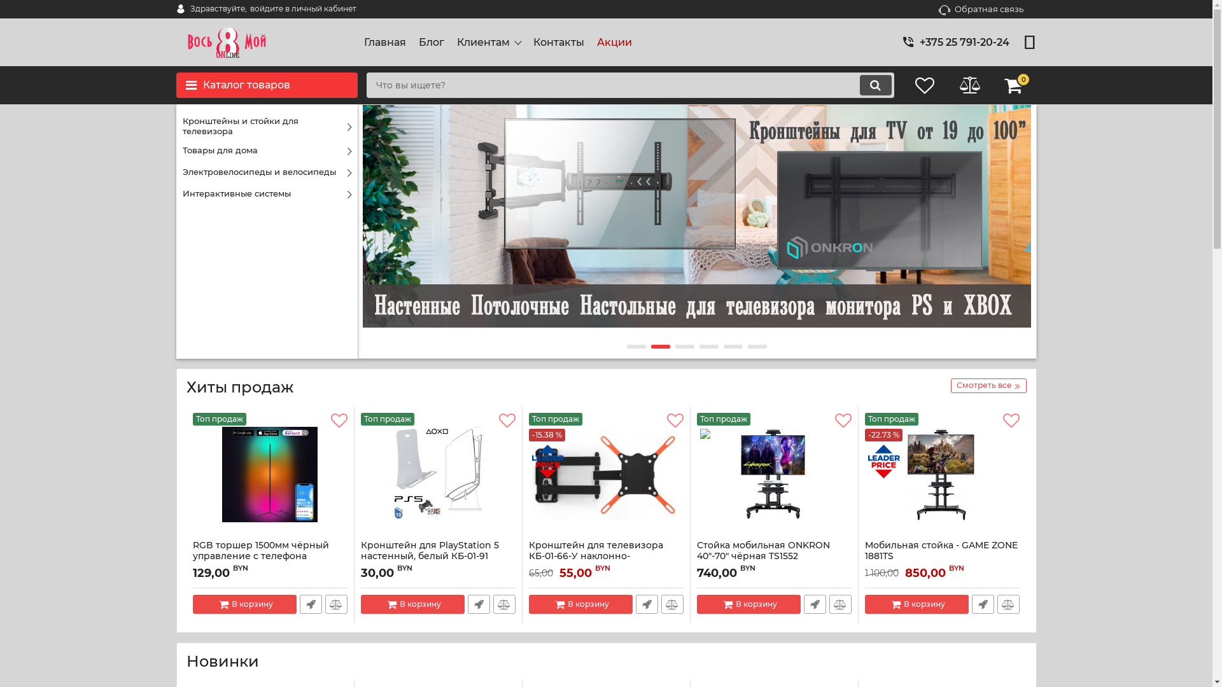  I want to click on 'langfr-560px-logo_leader_price_-_2017.svg.png', so click(883, 461).